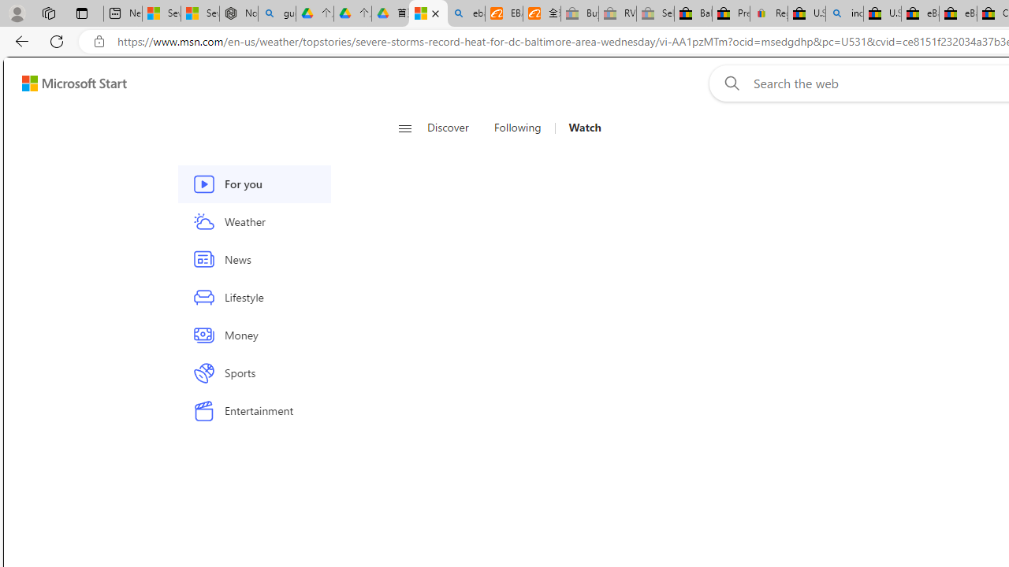  Describe the element at coordinates (277, 13) in the screenshot. I see `'guge yunpan - Search'` at that location.